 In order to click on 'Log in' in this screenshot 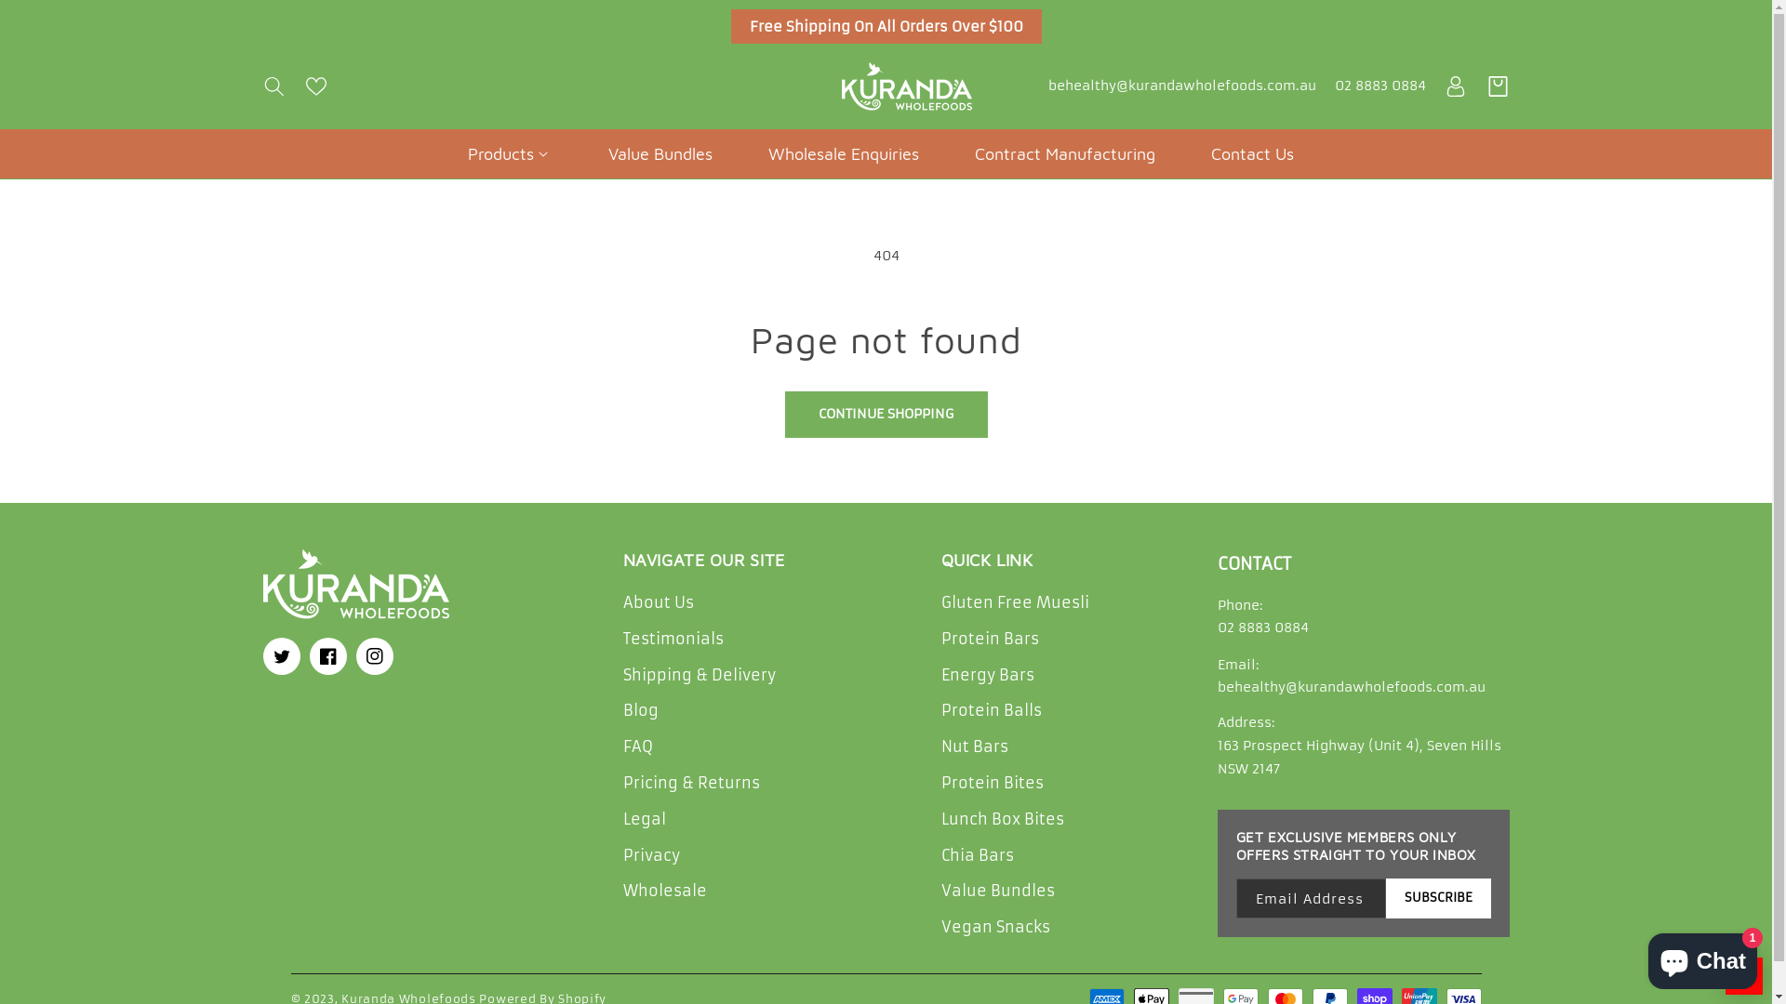, I will do `click(1442, 86)`.